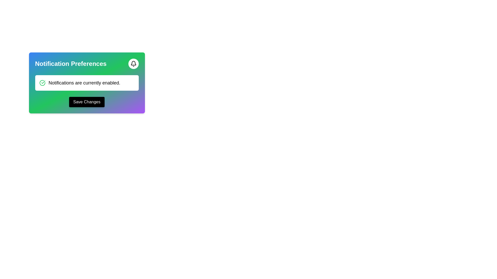 The image size is (497, 279). Describe the element at coordinates (84, 82) in the screenshot. I see `the text label that indicates the current status of notifications being enabled, located to the right of a green checkmark icon` at that location.